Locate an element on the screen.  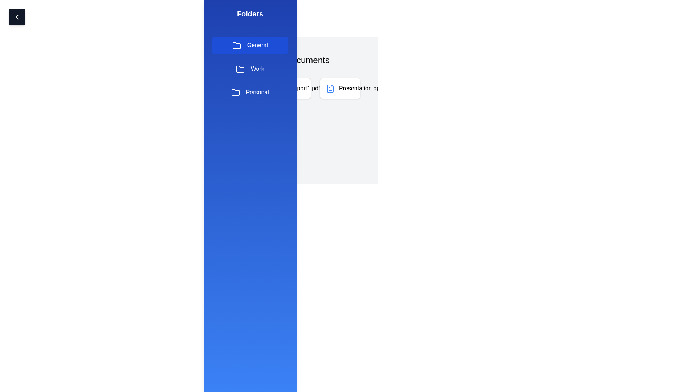
the square button with a dark gray background and a white left-pointing chevron icon in the center is located at coordinates (17, 16).